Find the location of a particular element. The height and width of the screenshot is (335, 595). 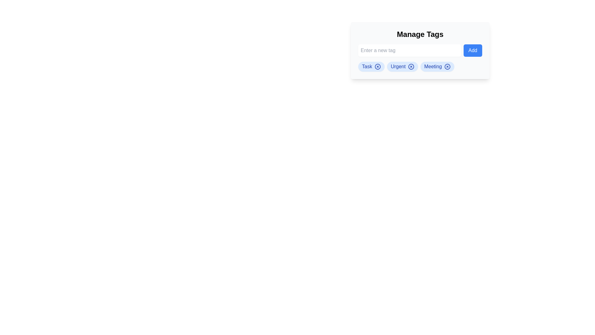

the text label displaying 'Urgent' is located at coordinates (398, 67).